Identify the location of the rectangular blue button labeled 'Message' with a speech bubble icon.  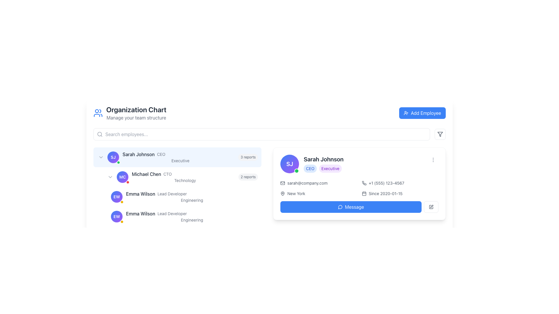
(351, 207).